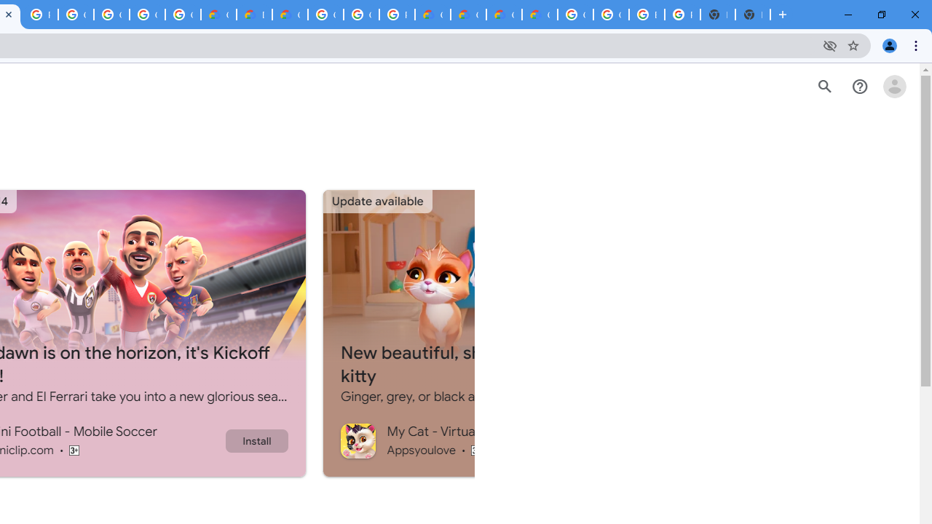  What do you see at coordinates (218, 15) in the screenshot?
I see `'Customer Care | Google Cloud'` at bounding box center [218, 15].